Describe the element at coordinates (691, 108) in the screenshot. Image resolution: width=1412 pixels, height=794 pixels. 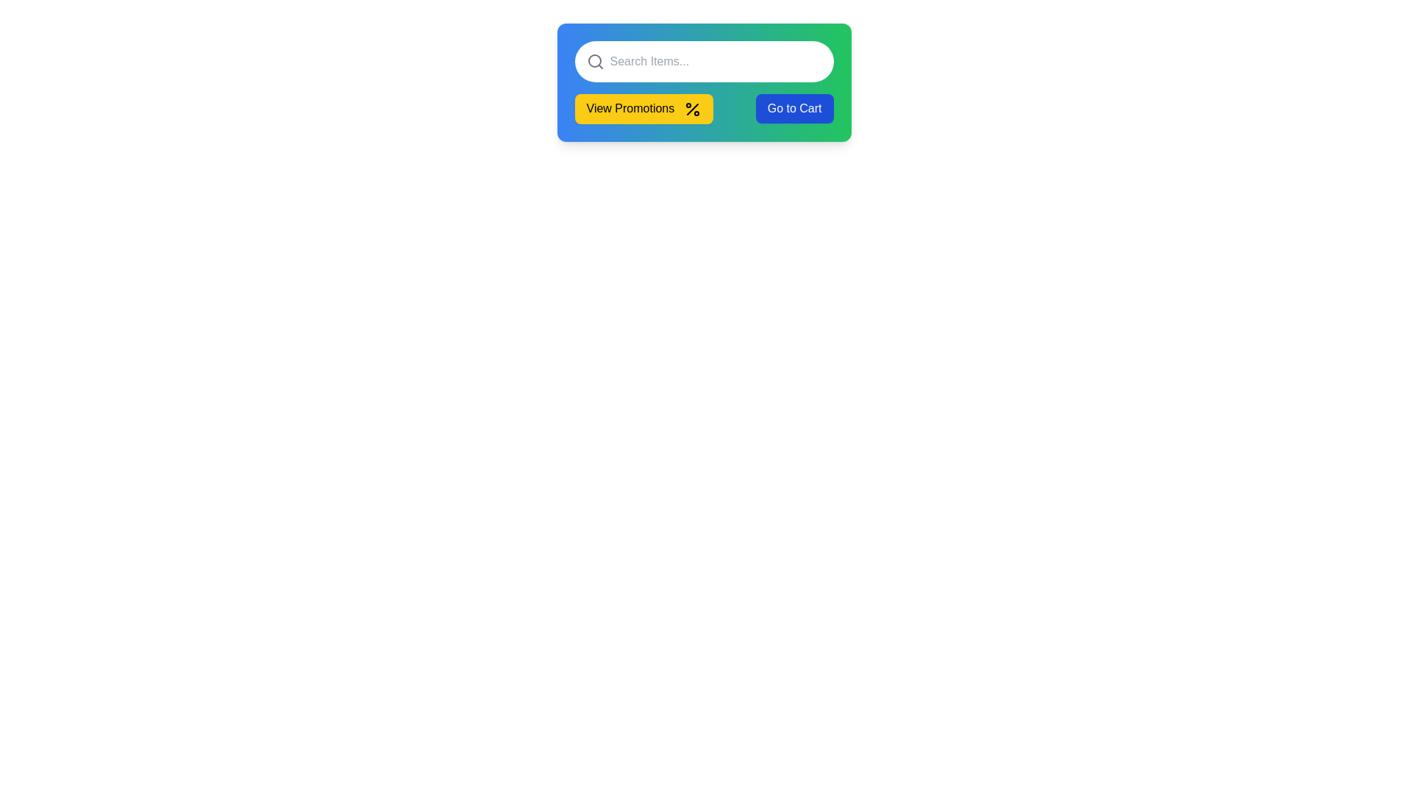
I see `the percent symbol icon within the yellow 'View Promotions' button, located to the right of the 'View Promotions' text label` at that location.